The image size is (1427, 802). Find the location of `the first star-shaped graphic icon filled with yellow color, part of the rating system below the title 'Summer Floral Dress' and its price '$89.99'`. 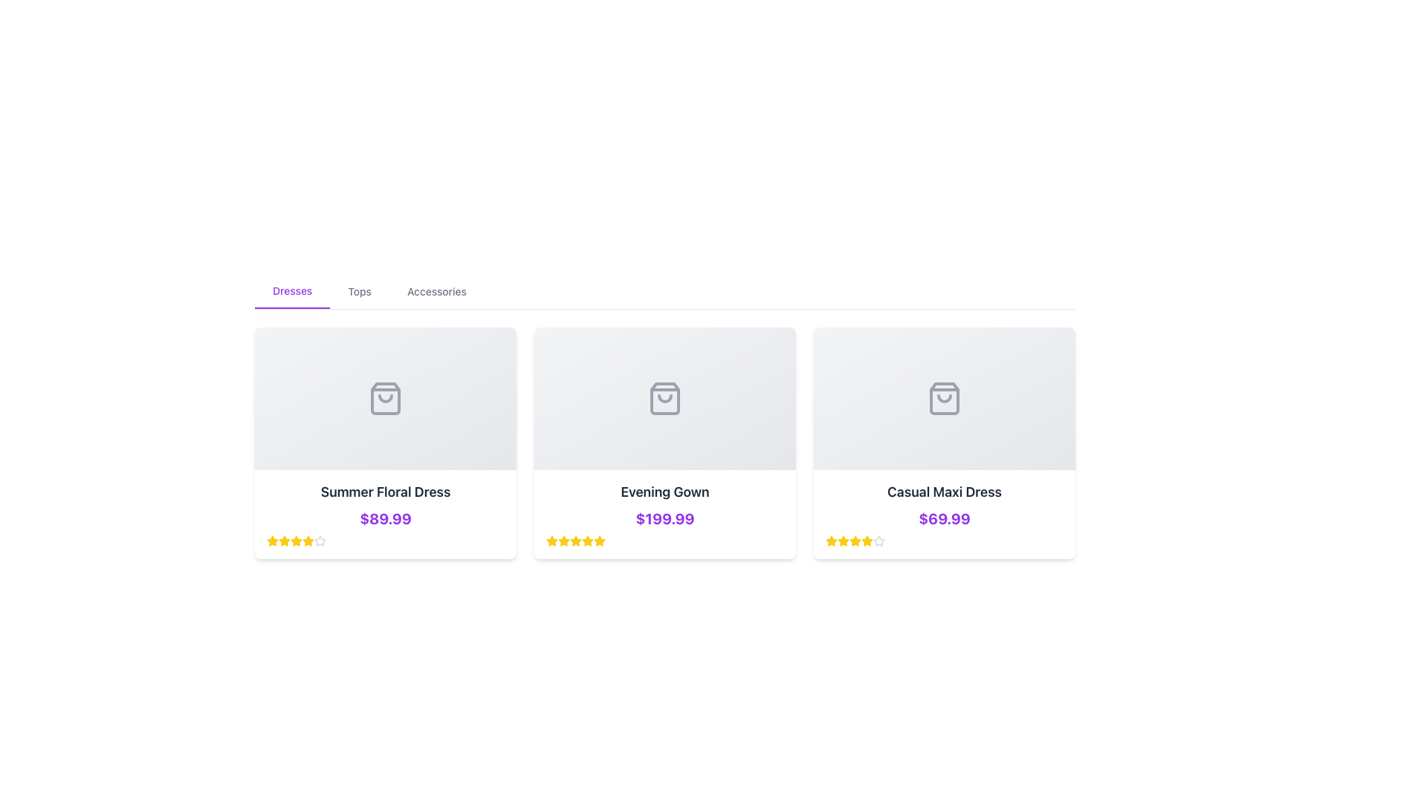

the first star-shaped graphic icon filled with yellow color, part of the rating system below the title 'Summer Floral Dress' and its price '$89.99' is located at coordinates (272, 541).